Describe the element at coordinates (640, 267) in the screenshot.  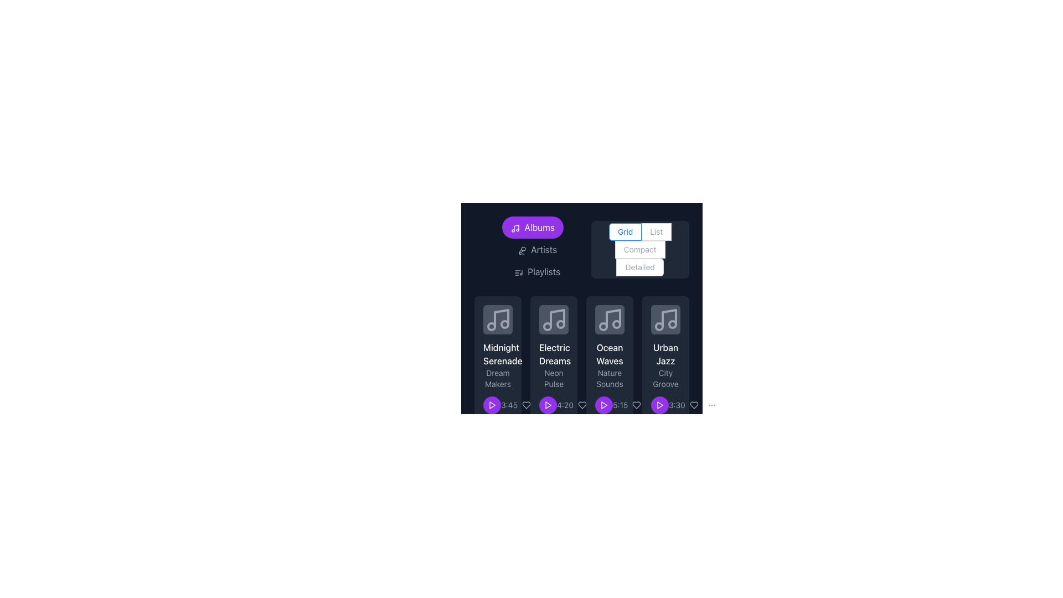
I see `the 'Detailed' radio button` at that location.